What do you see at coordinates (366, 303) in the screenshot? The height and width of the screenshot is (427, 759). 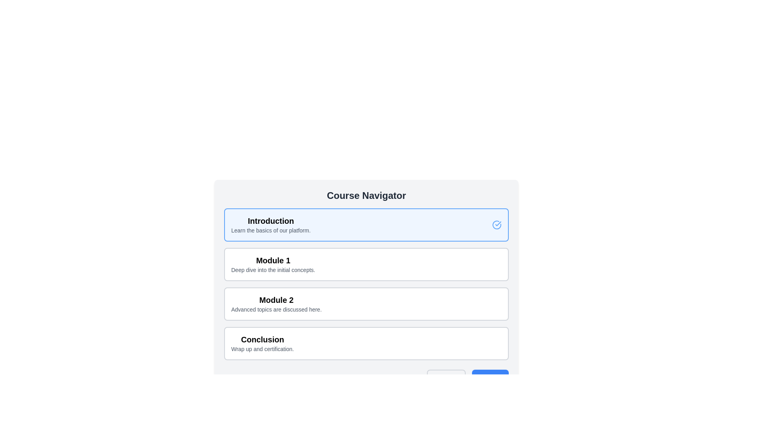 I see `the module Module 2 to view its details` at bounding box center [366, 303].